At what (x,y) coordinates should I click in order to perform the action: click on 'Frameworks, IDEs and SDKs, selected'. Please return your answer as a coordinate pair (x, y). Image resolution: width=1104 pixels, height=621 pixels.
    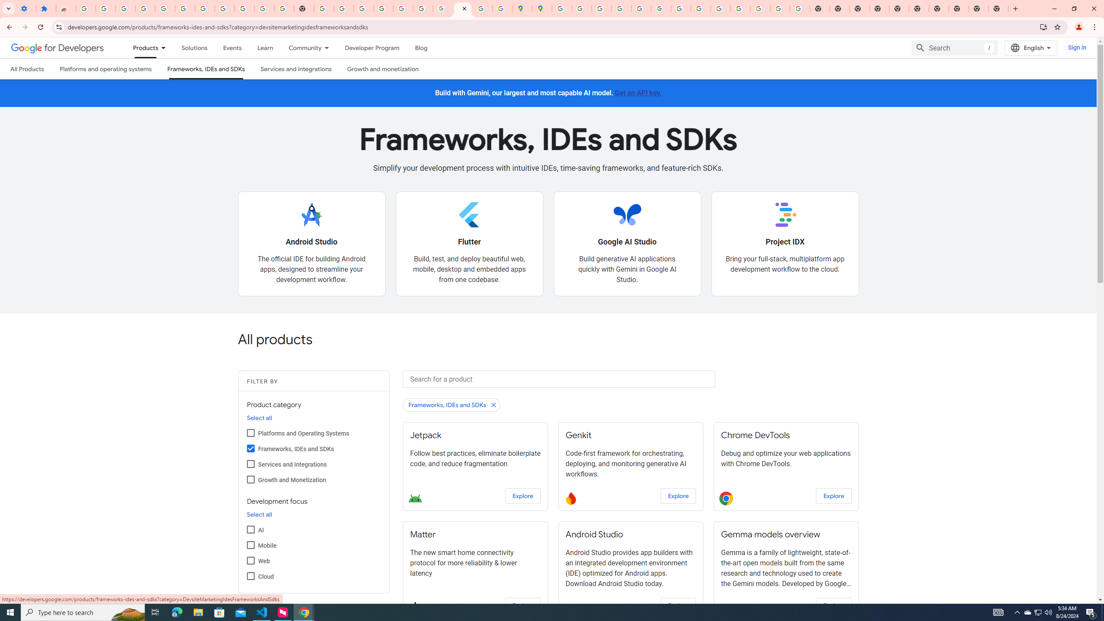
    Looking at the image, I should click on (205, 68).